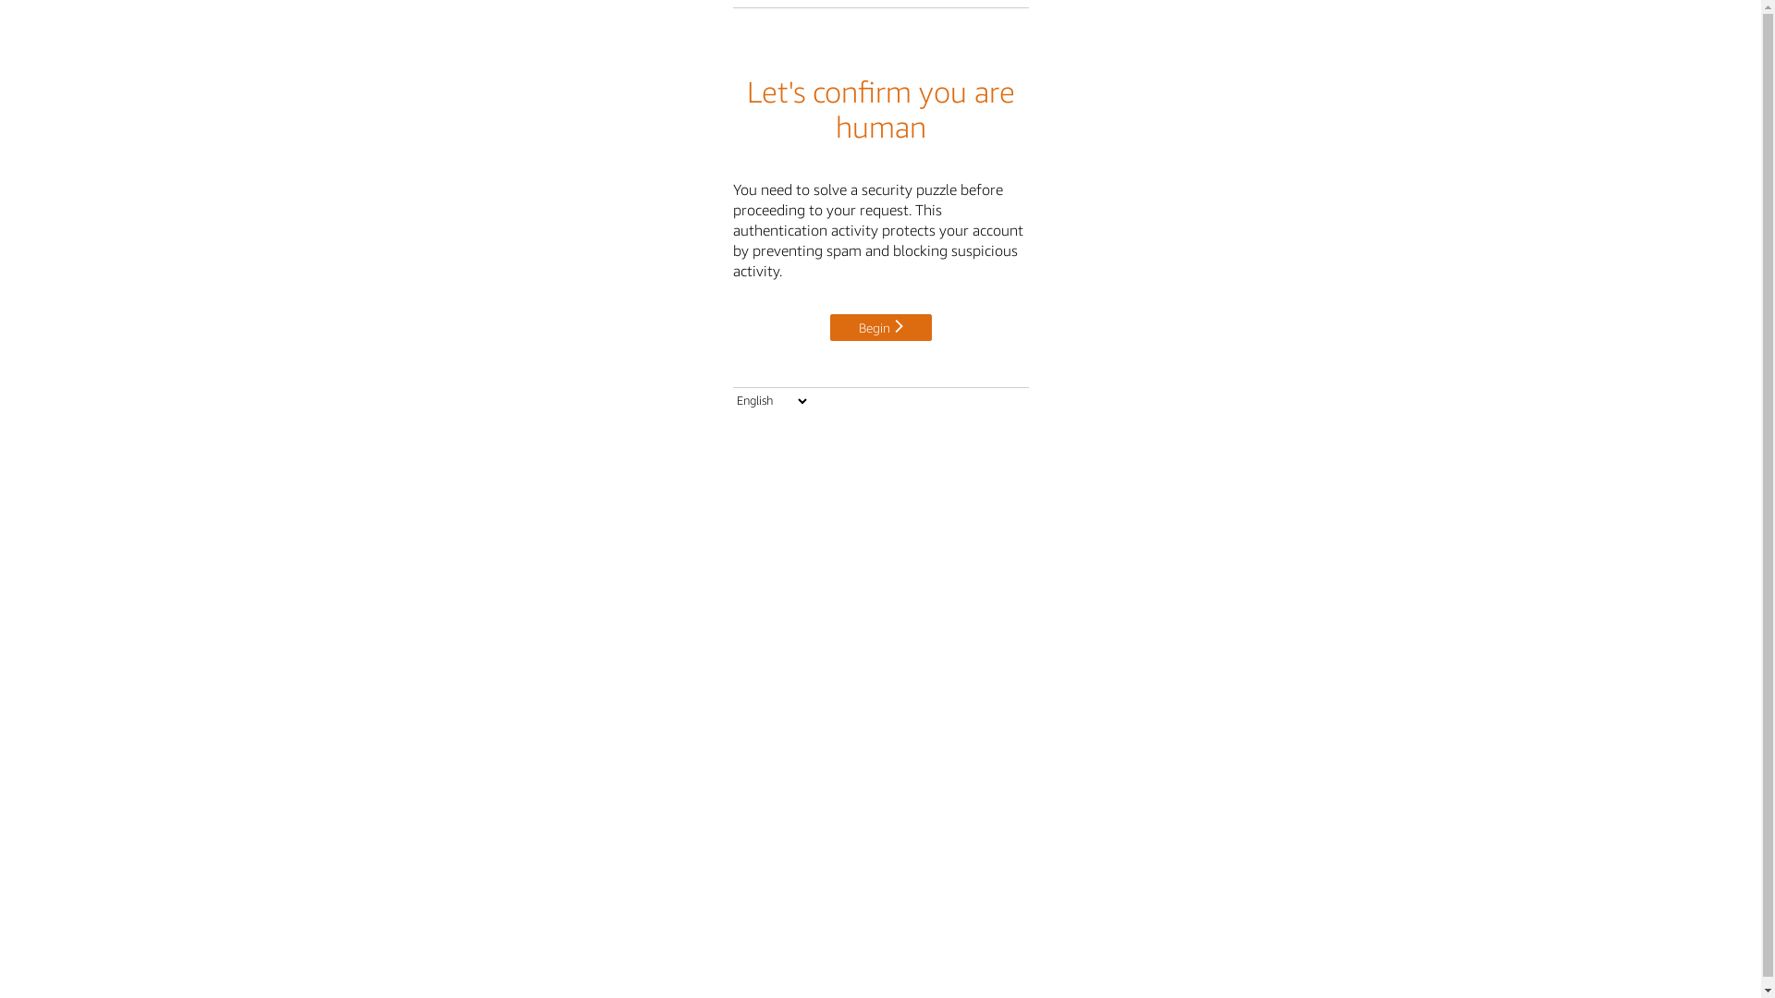  Describe the element at coordinates (828, 323) in the screenshot. I see `'Begin'` at that location.